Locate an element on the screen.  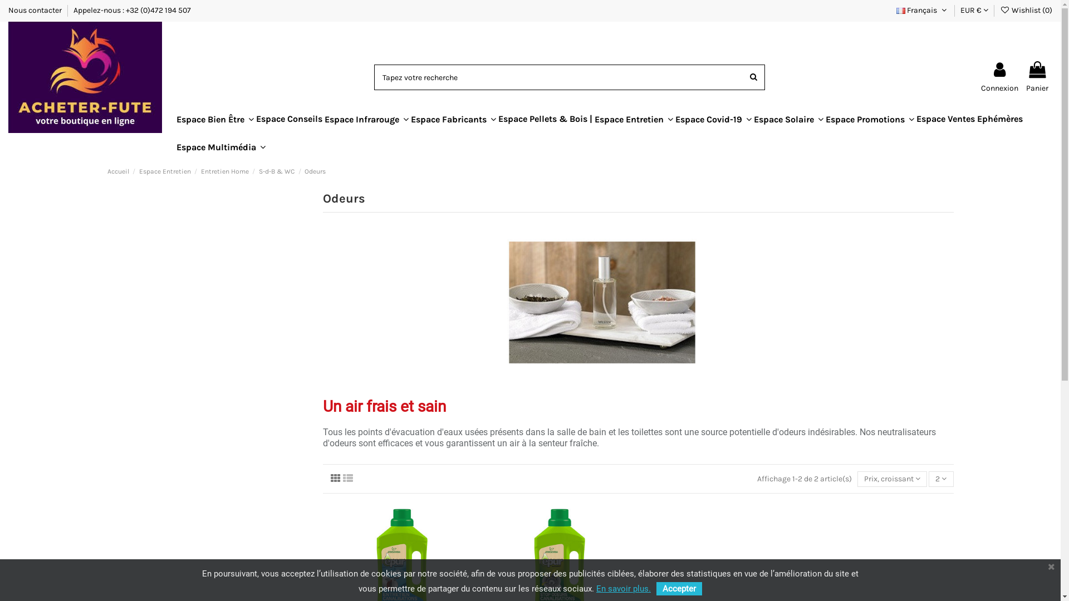
'Espace Conseils' is located at coordinates (254, 119).